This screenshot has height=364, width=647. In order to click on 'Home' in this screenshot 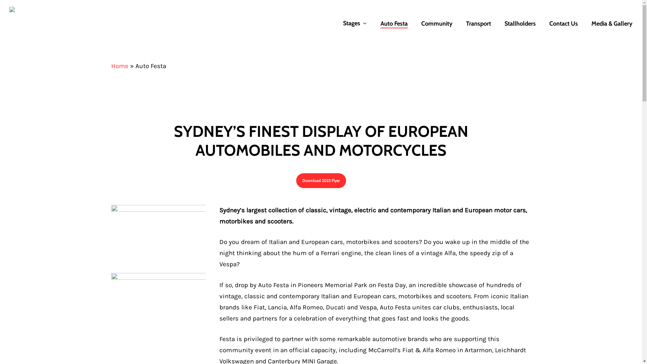, I will do `click(120, 66)`.